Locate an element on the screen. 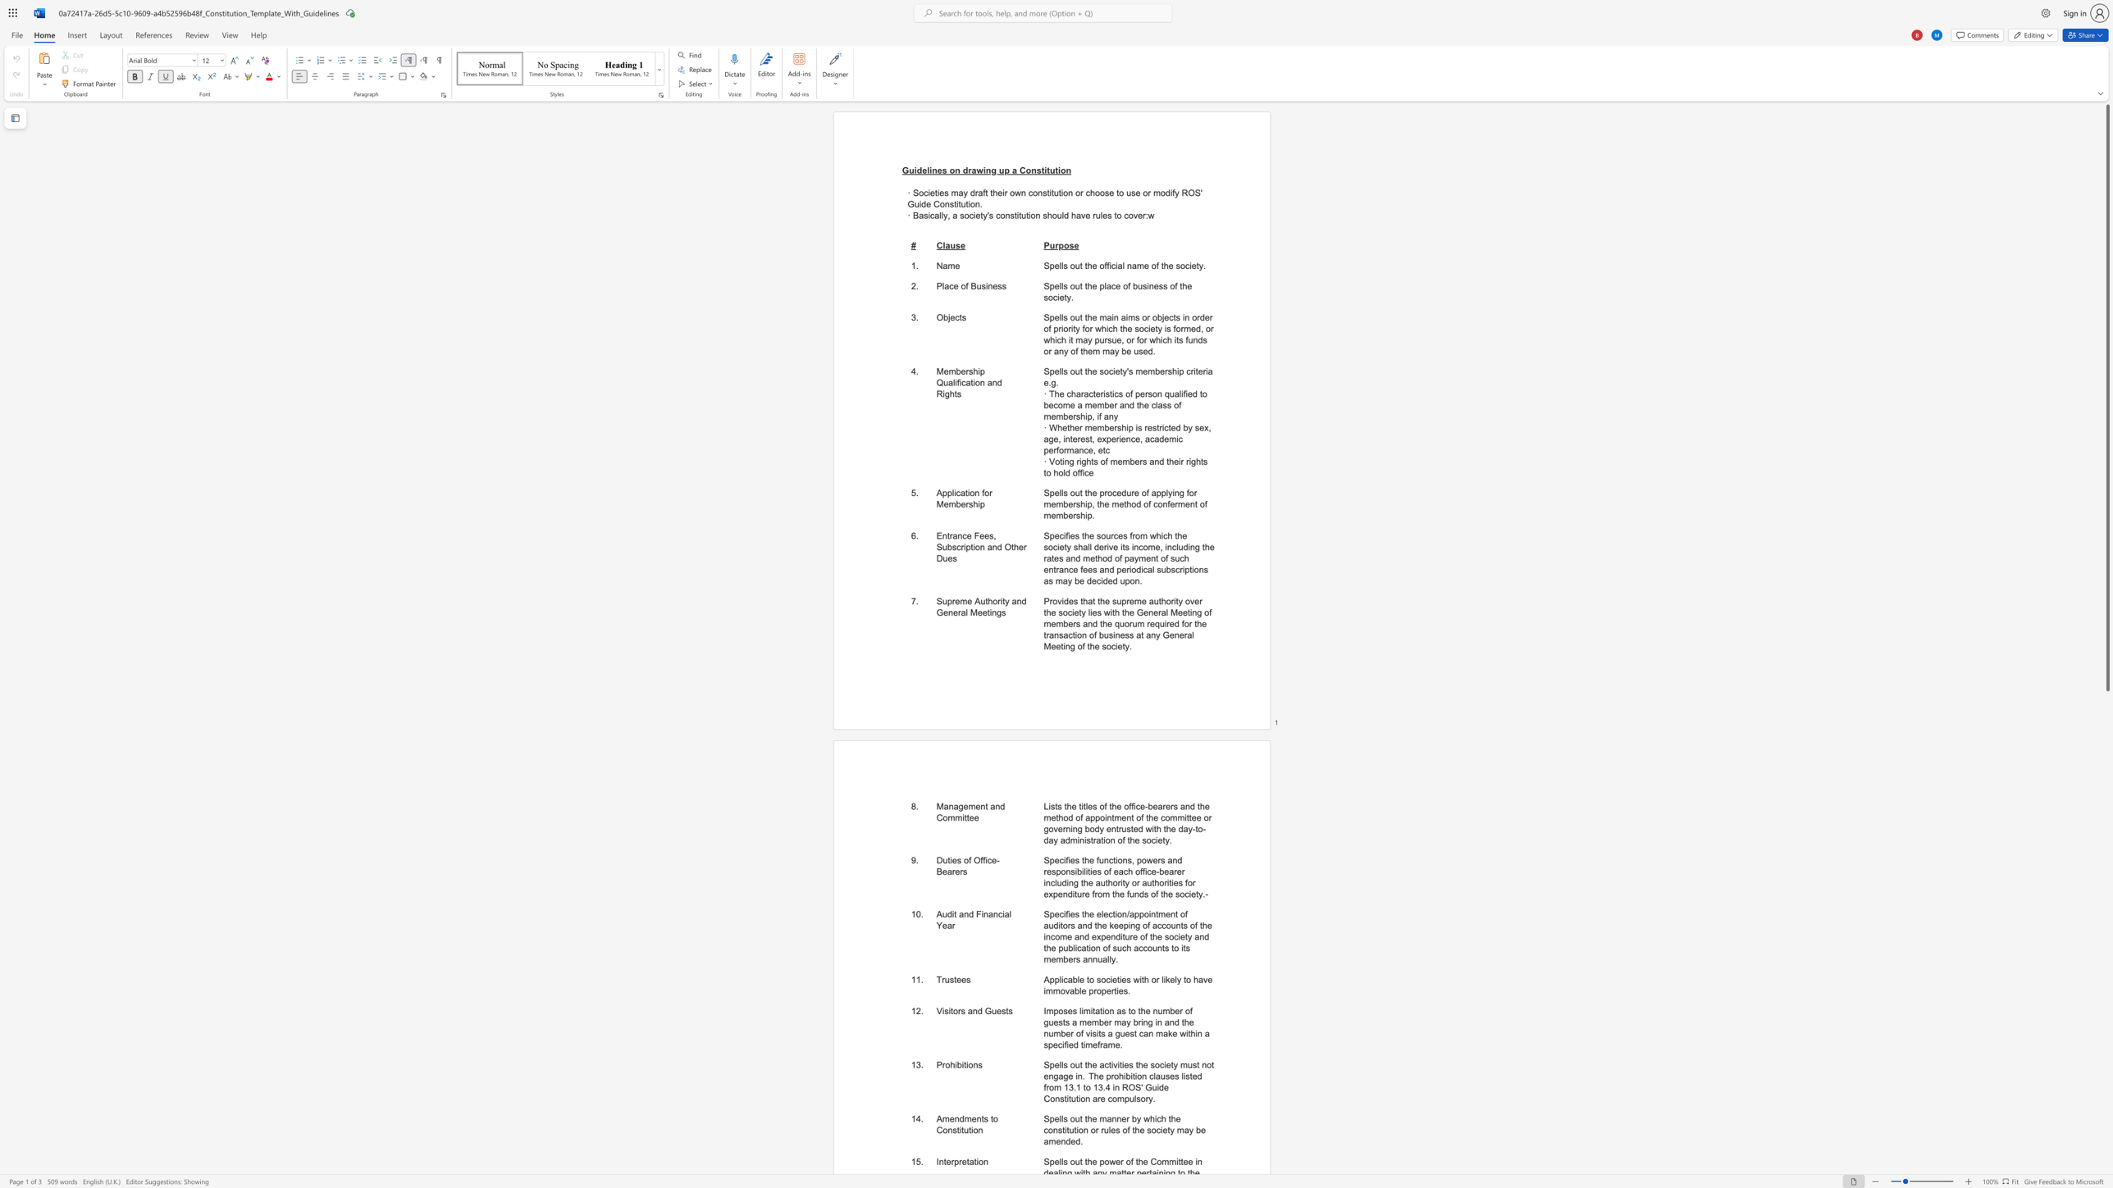 The width and height of the screenshot is (2113, 1188). the scrollbar to adjust the page downward is located at coordinates (2106, 1121).